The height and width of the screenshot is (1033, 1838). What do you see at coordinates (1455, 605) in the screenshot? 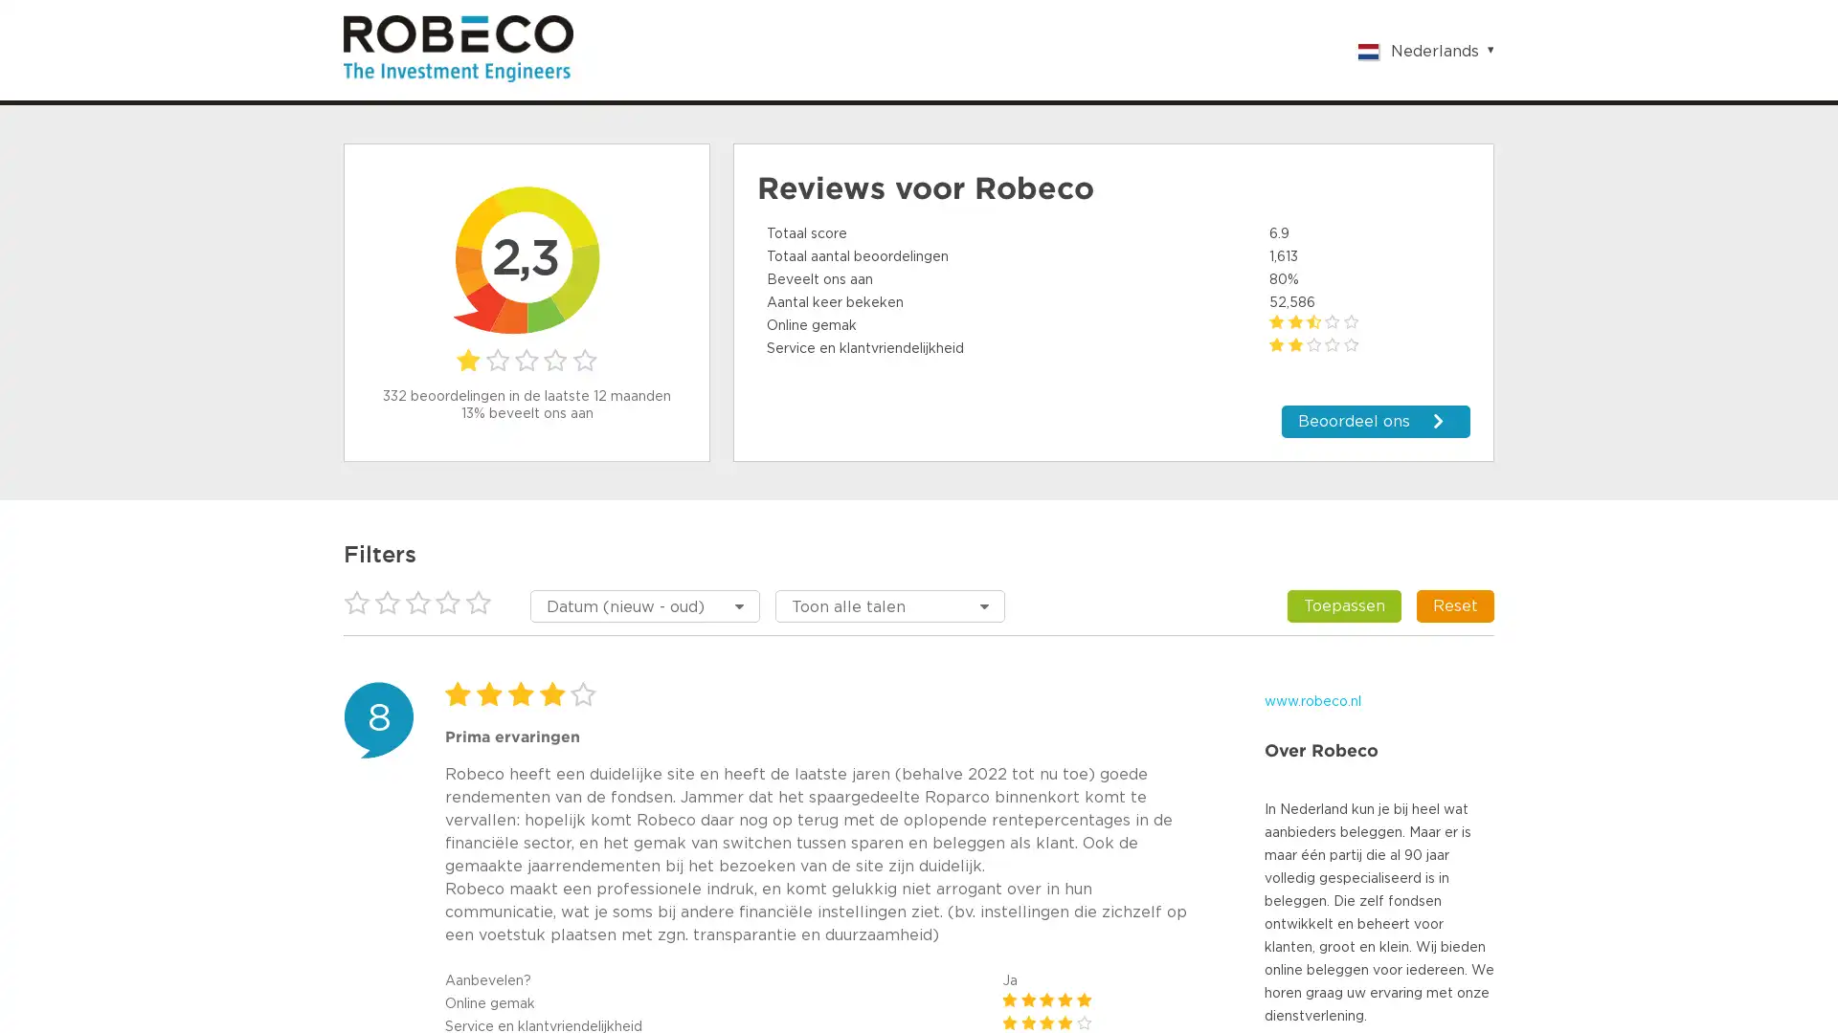
I see `Reset` at bounding box center [1455, 605].